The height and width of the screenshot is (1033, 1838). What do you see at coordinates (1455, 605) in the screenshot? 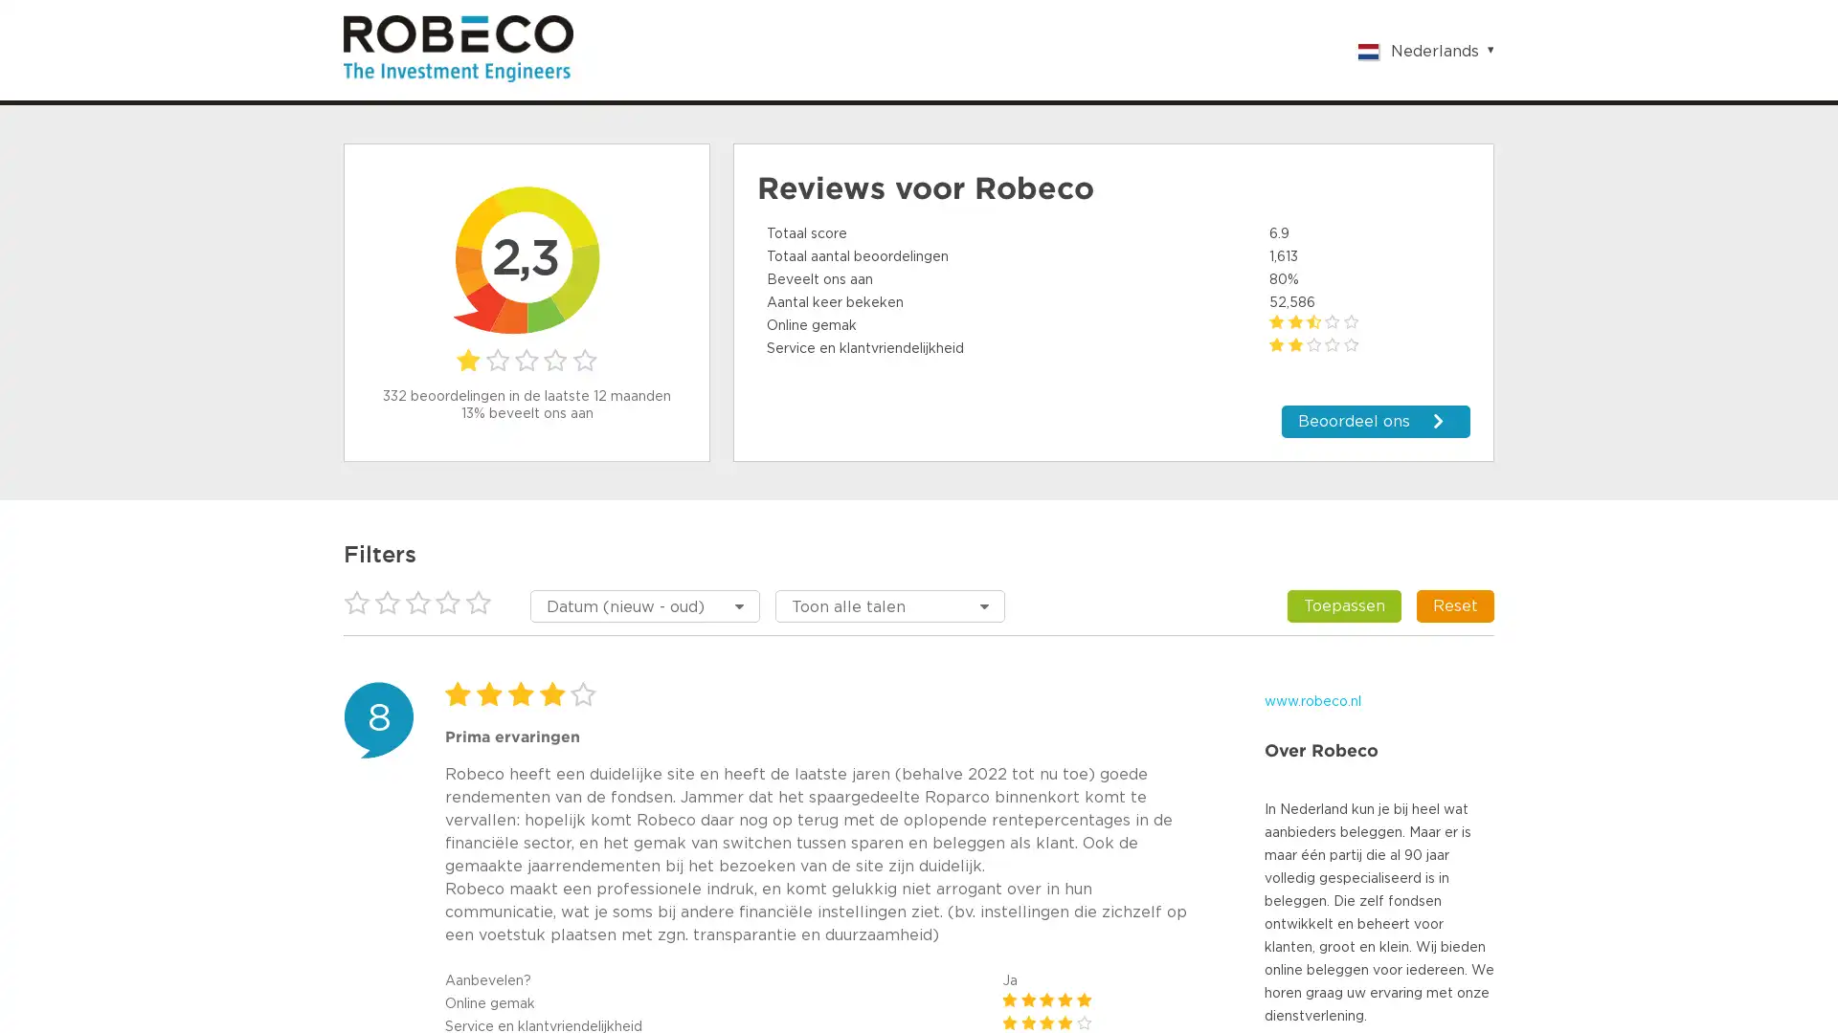
I see `Reset` at bounding box center [1455, 605].